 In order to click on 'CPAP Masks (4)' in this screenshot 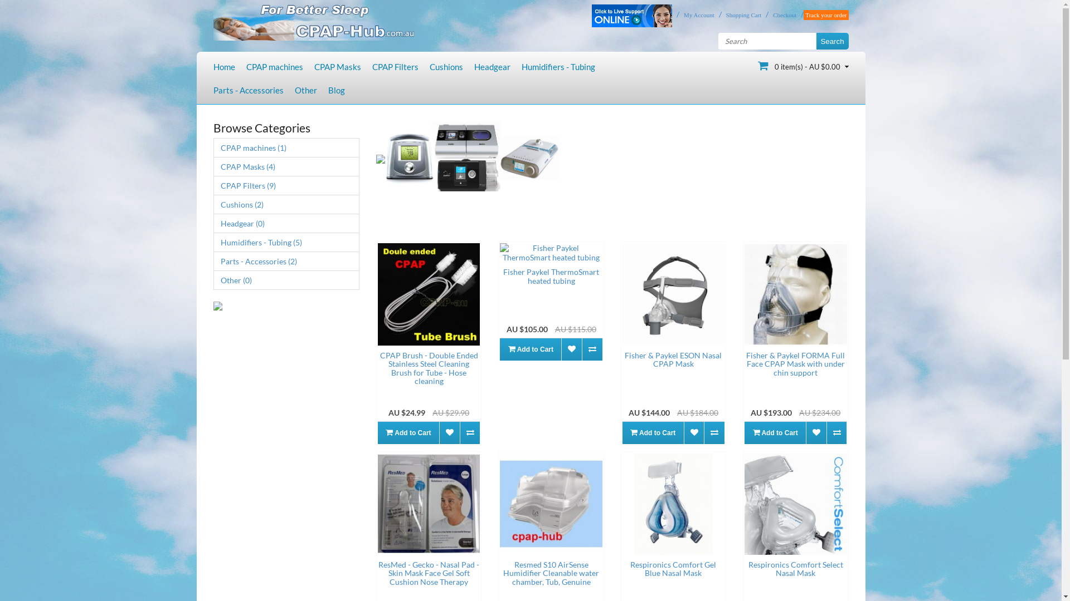, I will do `click(286, 166)`.